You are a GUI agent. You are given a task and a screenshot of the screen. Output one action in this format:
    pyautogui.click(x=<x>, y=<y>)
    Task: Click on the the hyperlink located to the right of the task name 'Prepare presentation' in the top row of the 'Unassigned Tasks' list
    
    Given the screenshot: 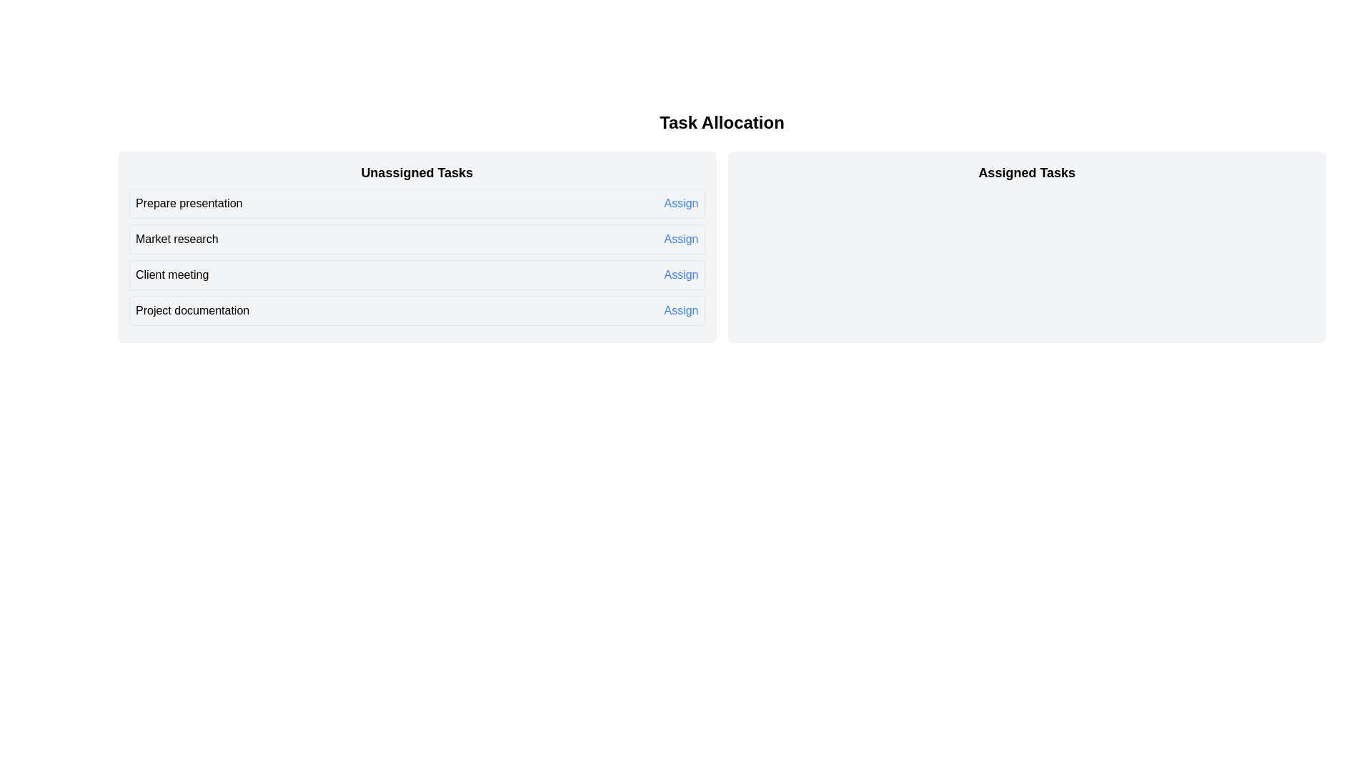 What is the action you would take?
    pyautogui.click(x=680, y=204)
    